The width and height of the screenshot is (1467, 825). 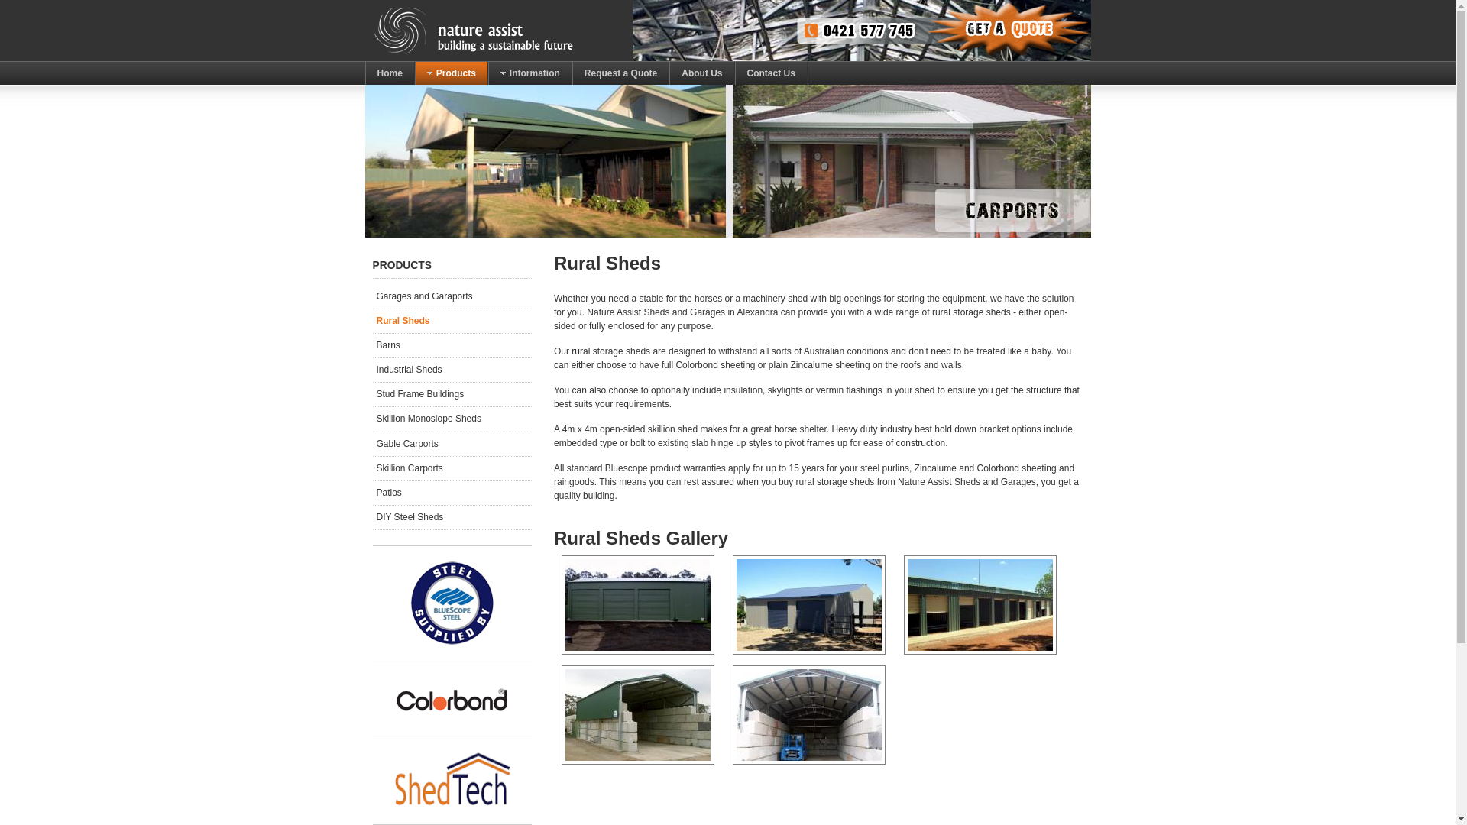 I want to click on 'Barns', so click(x=451, y=345).